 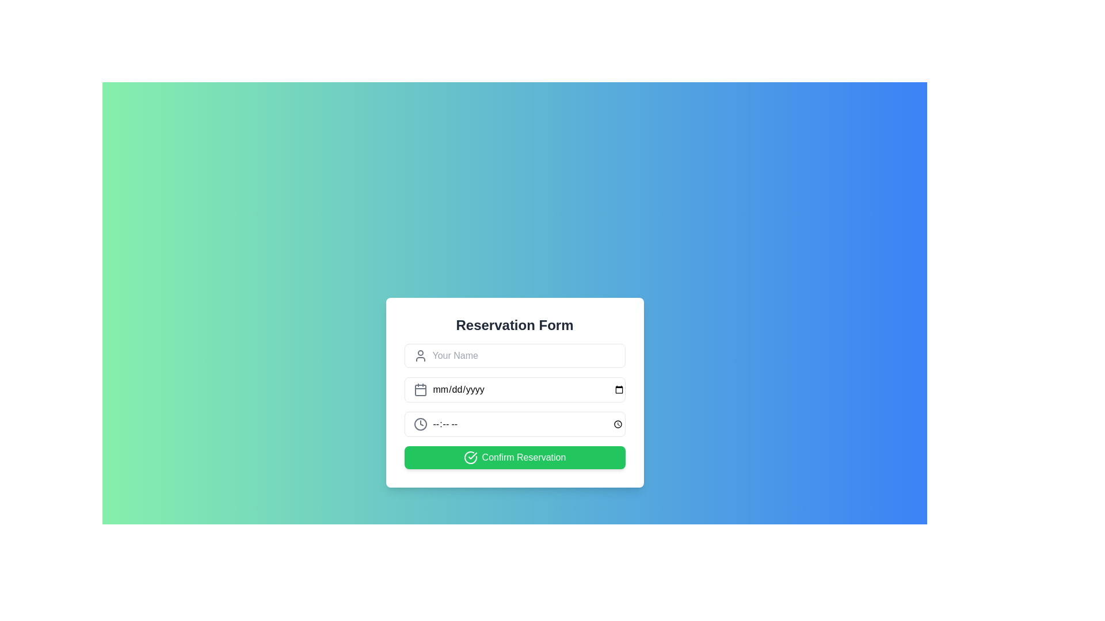 I want to click on decorative icon located on the left side of the 'Confirm Reservation' button at the bottom of the form interface, so click(x=470, y=457).